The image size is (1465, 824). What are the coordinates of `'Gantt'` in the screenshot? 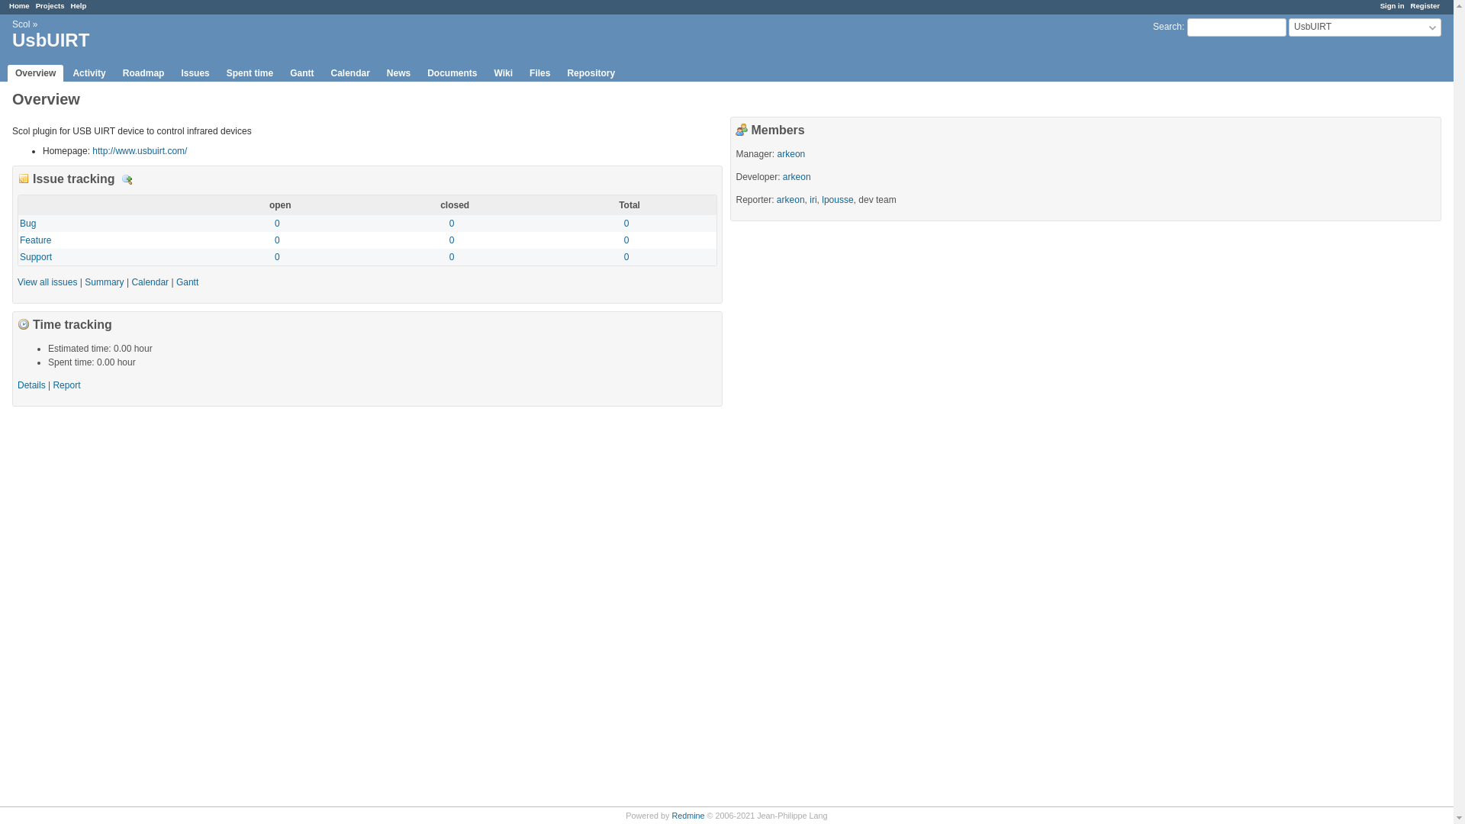 It's located at (301, 73).